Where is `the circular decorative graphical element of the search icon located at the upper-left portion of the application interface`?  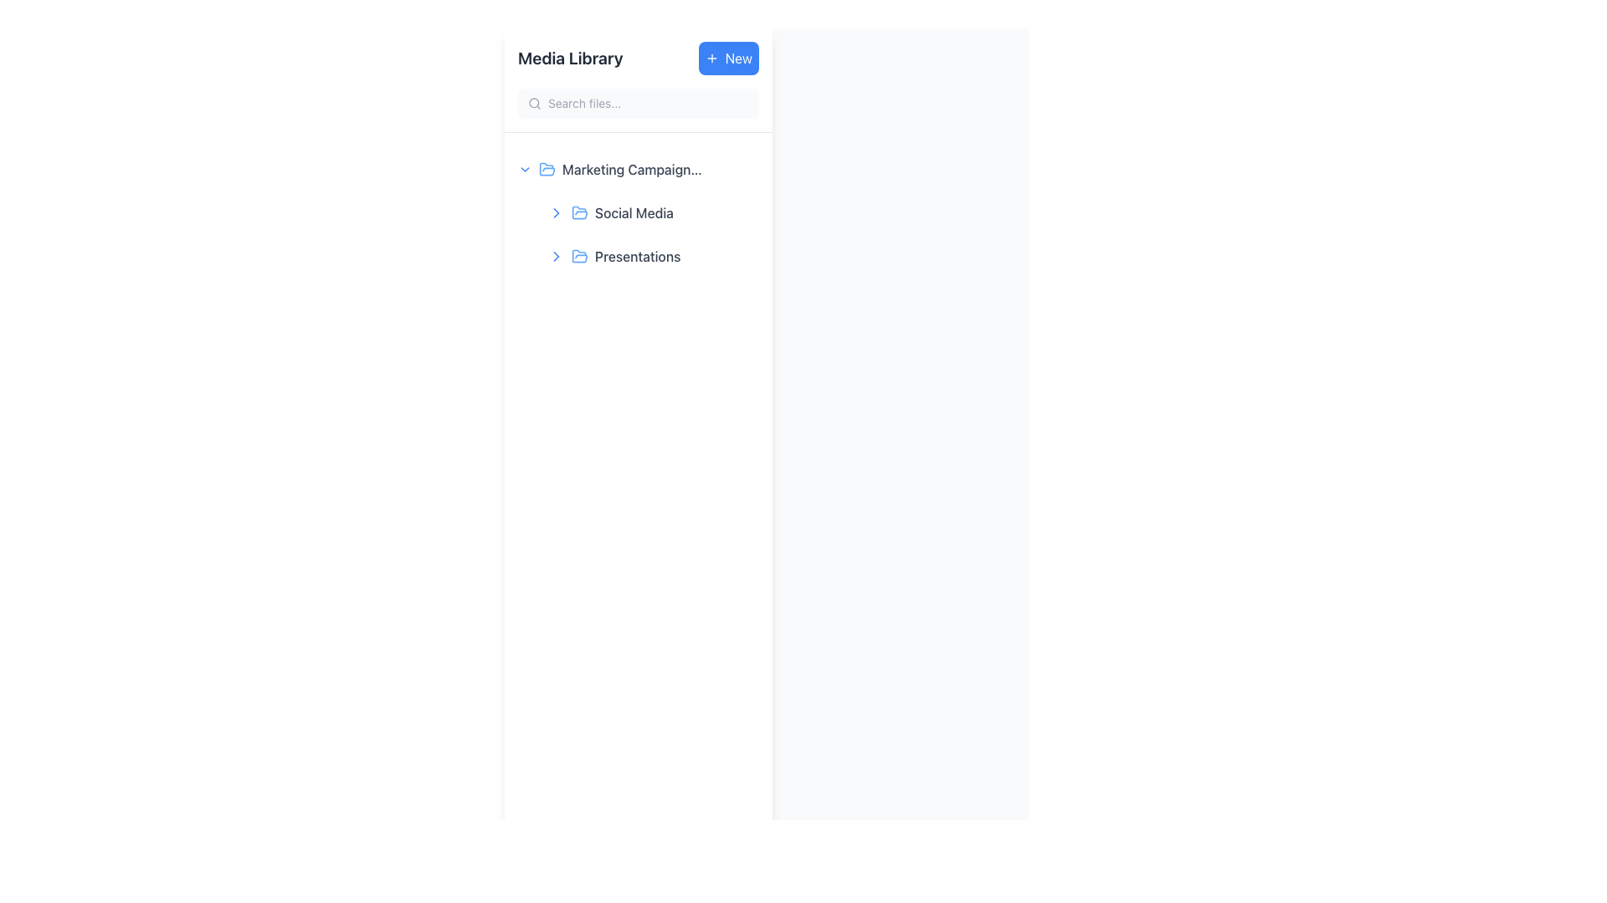 the circular decorative graphical element of the search icon located at the upper-left portion of the application interface is located at coordinates (533, 103).